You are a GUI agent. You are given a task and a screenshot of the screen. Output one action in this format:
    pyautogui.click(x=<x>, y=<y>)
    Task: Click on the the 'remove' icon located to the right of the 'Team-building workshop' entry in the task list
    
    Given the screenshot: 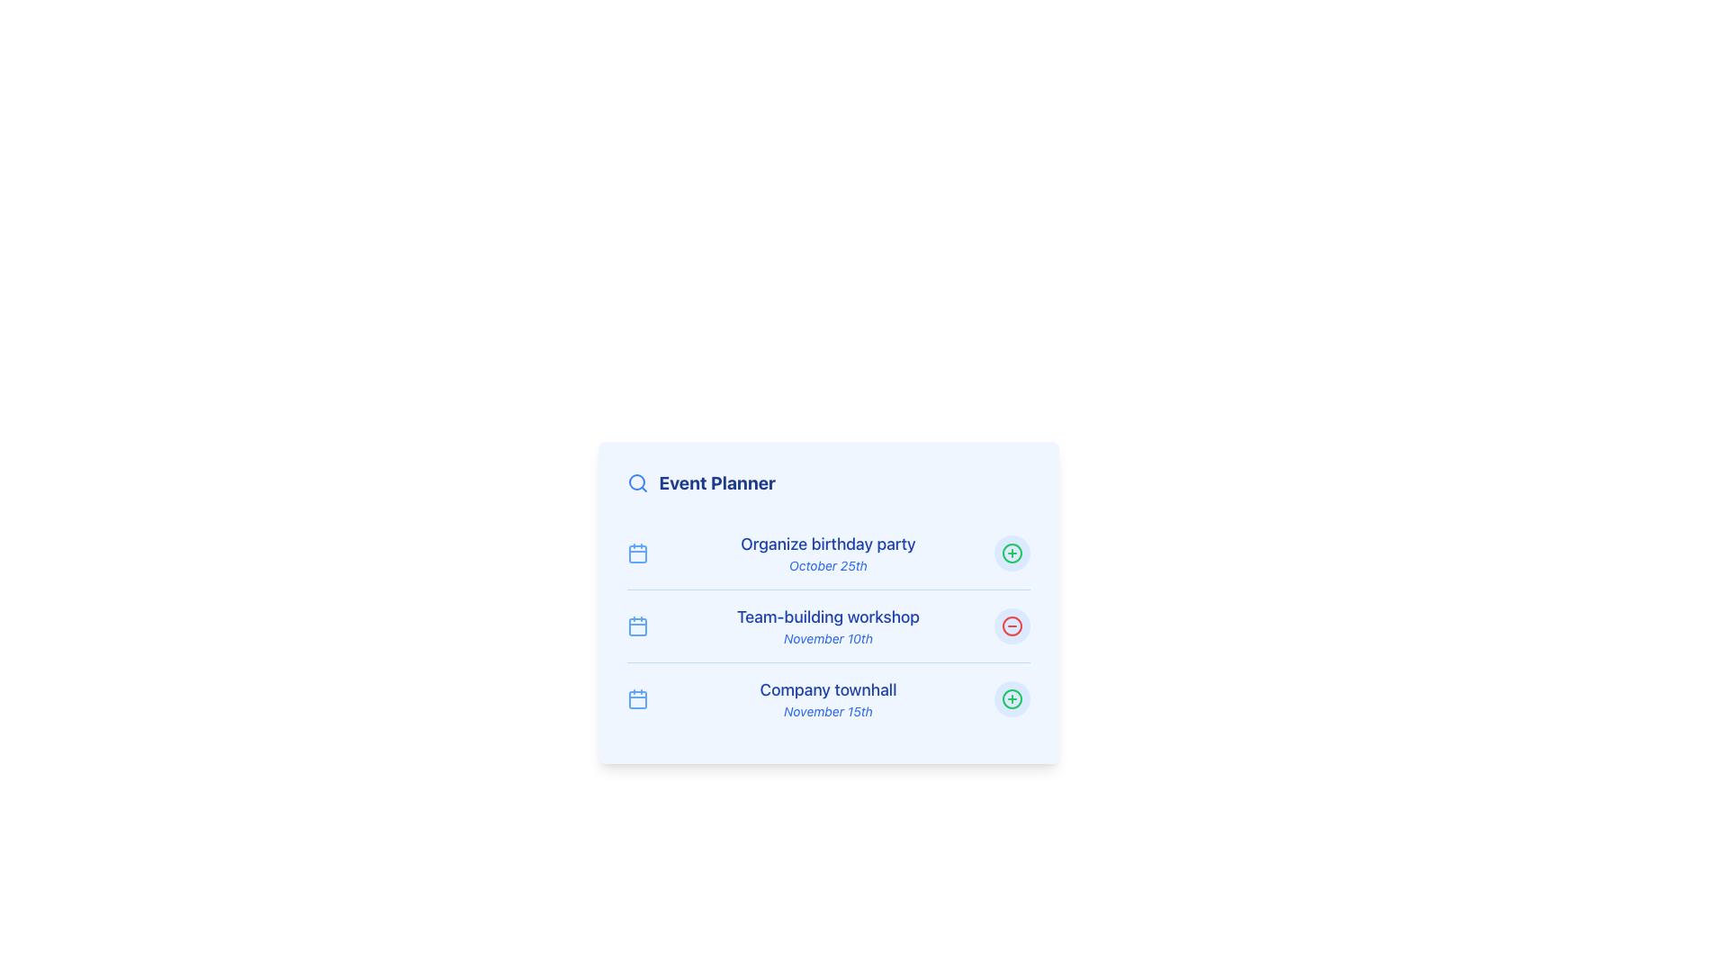 What is the action you would take?
    pyautogui.click(x=1012, y=625)
    